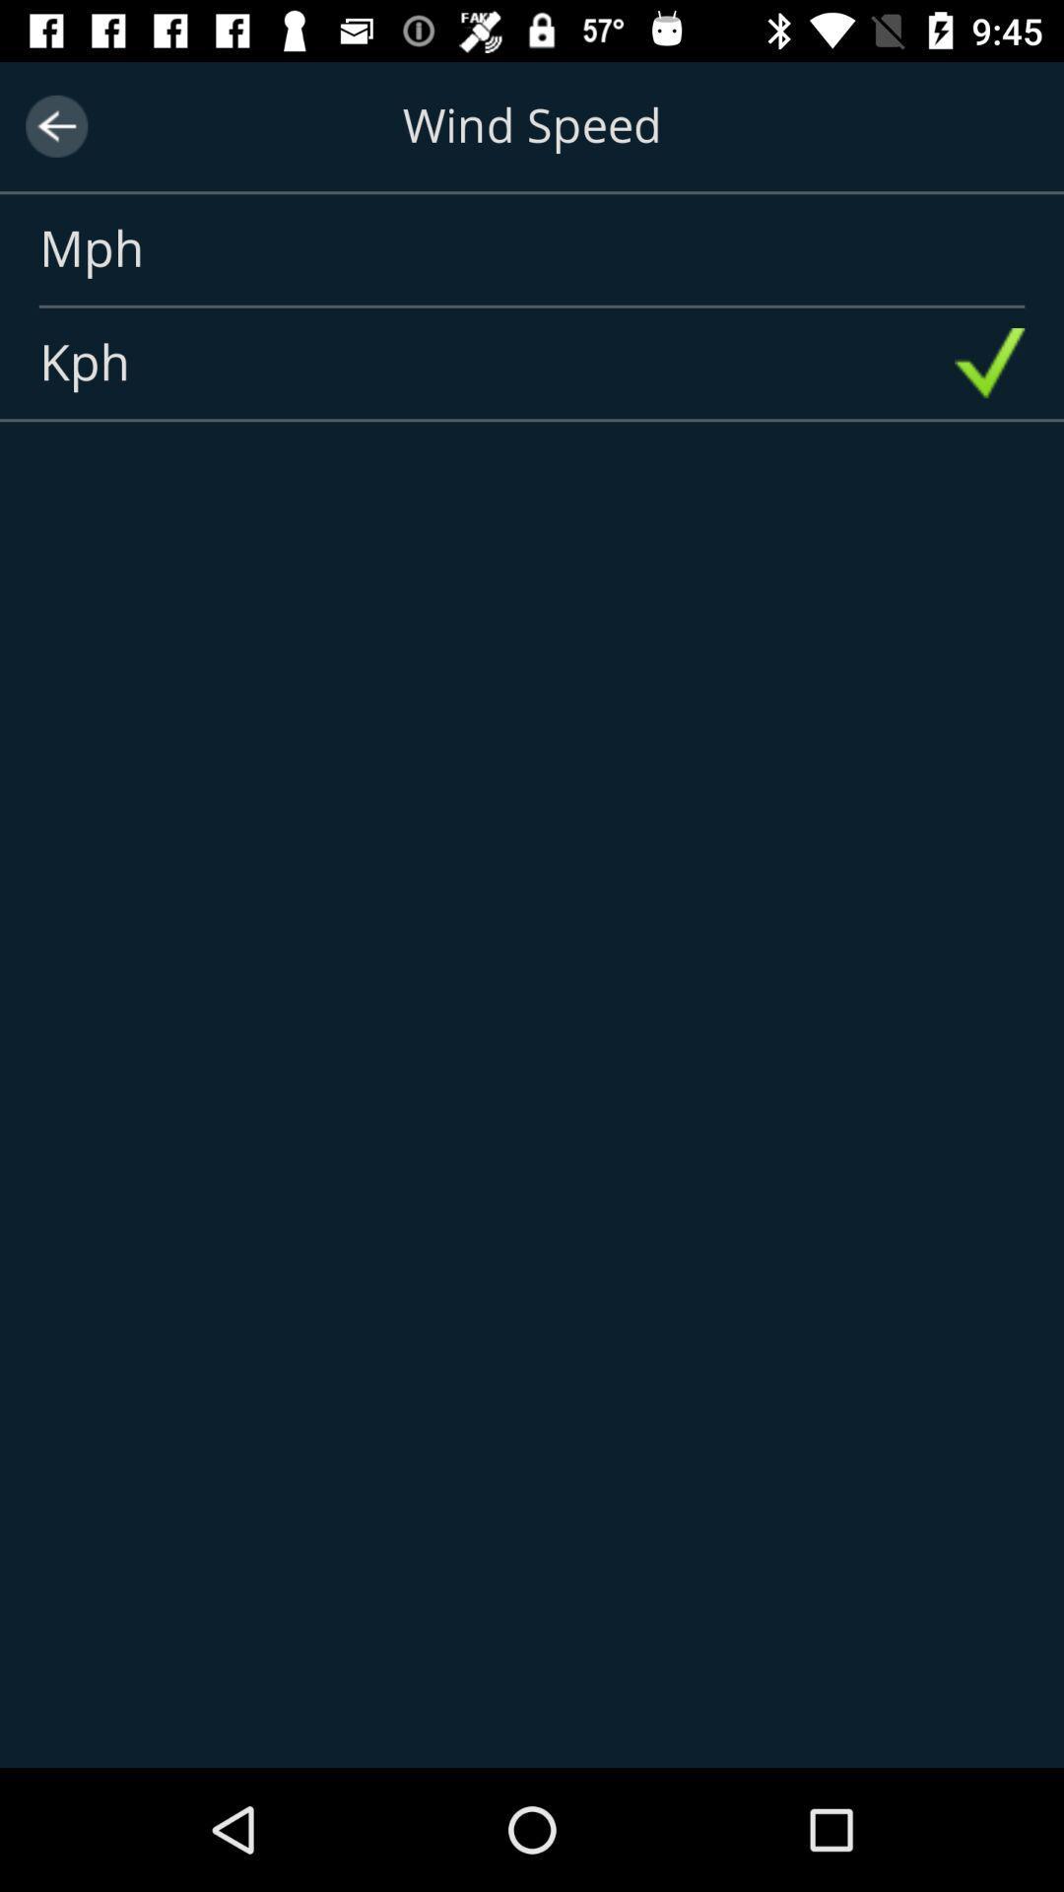 This screenshot has height=1892, width=1064. What do you see at coordinates (55, 125) in the screenshot?
I see `the arrow_backward icon` at bounding box center [55, 125].